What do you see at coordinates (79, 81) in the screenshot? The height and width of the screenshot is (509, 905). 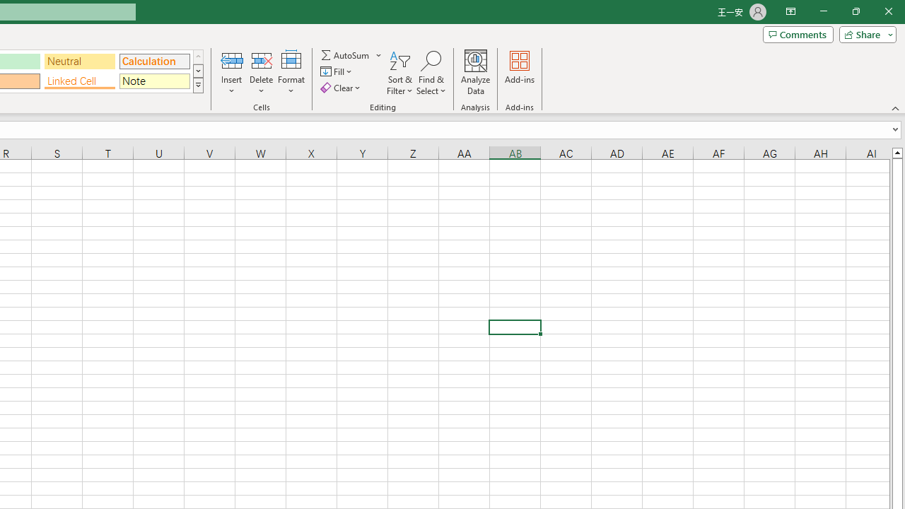 I see `'Linked Cell'` at bounding box center [79, 81].